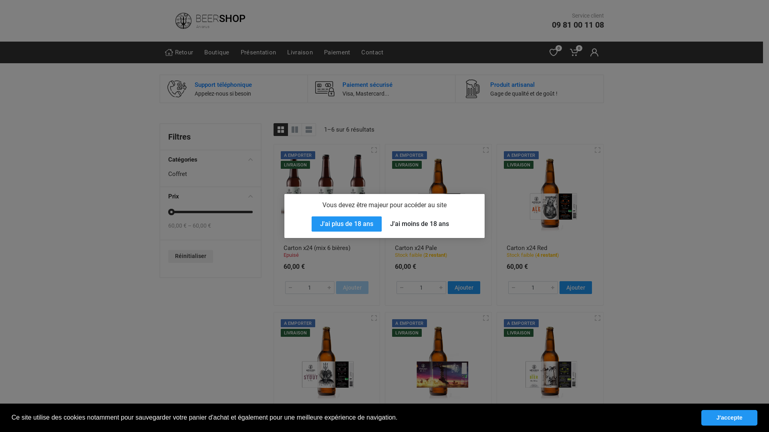 The width and height of the screenshot is (769, 432). What do you see at coordinates (308, 129) in the screenshot?
I see `'Liste'` at bounding box center [308, 129].